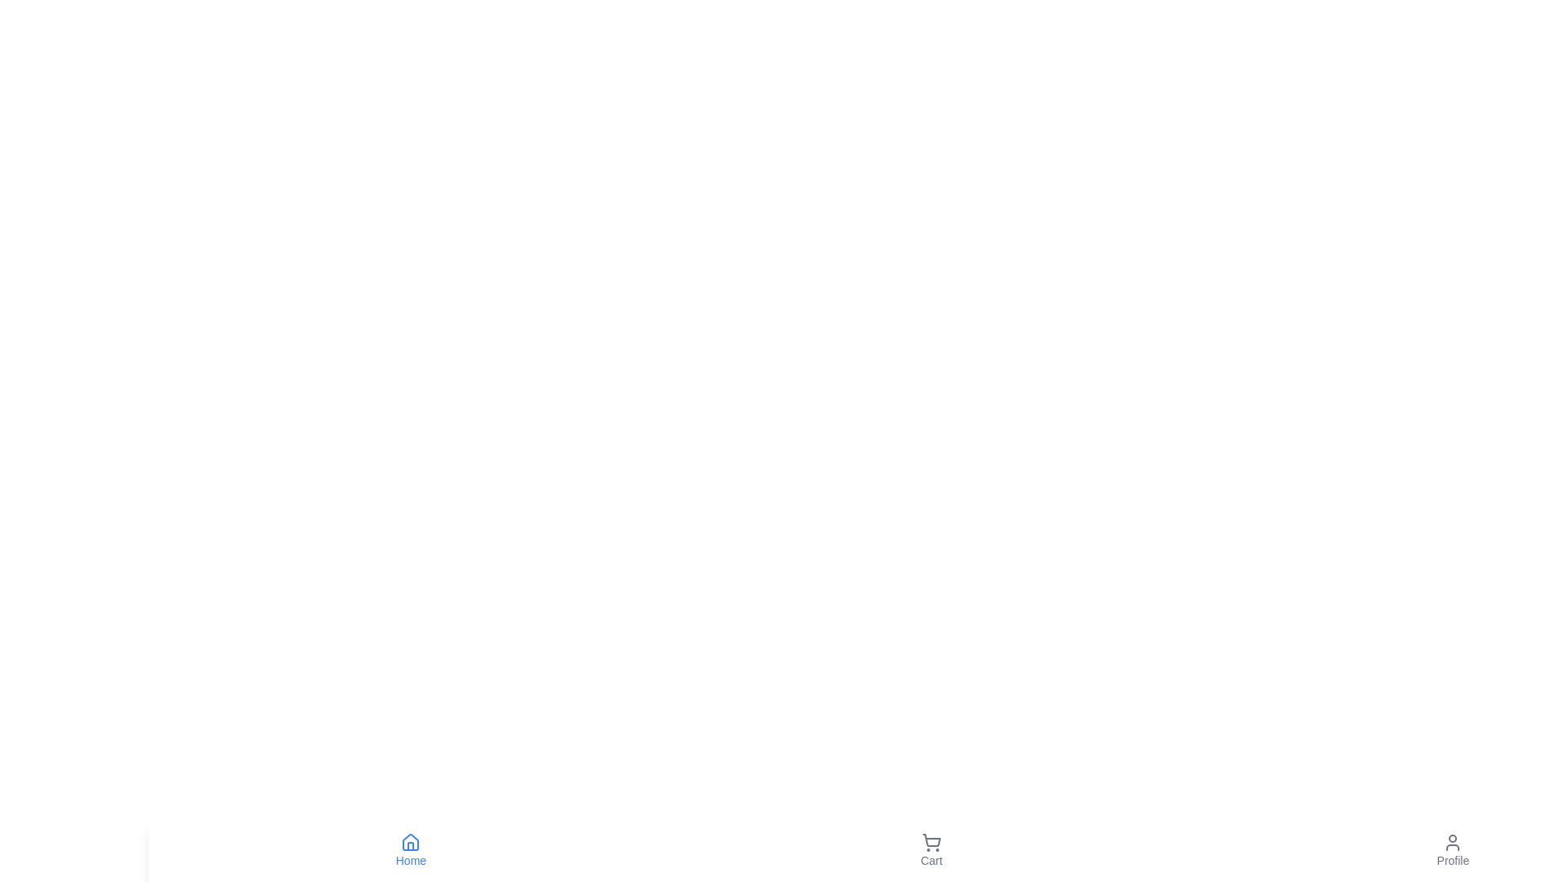  What do you see at coordinates (931, 849) in the screenshot?
I see `the navigation item Cart` at bounding box center [931, 849].